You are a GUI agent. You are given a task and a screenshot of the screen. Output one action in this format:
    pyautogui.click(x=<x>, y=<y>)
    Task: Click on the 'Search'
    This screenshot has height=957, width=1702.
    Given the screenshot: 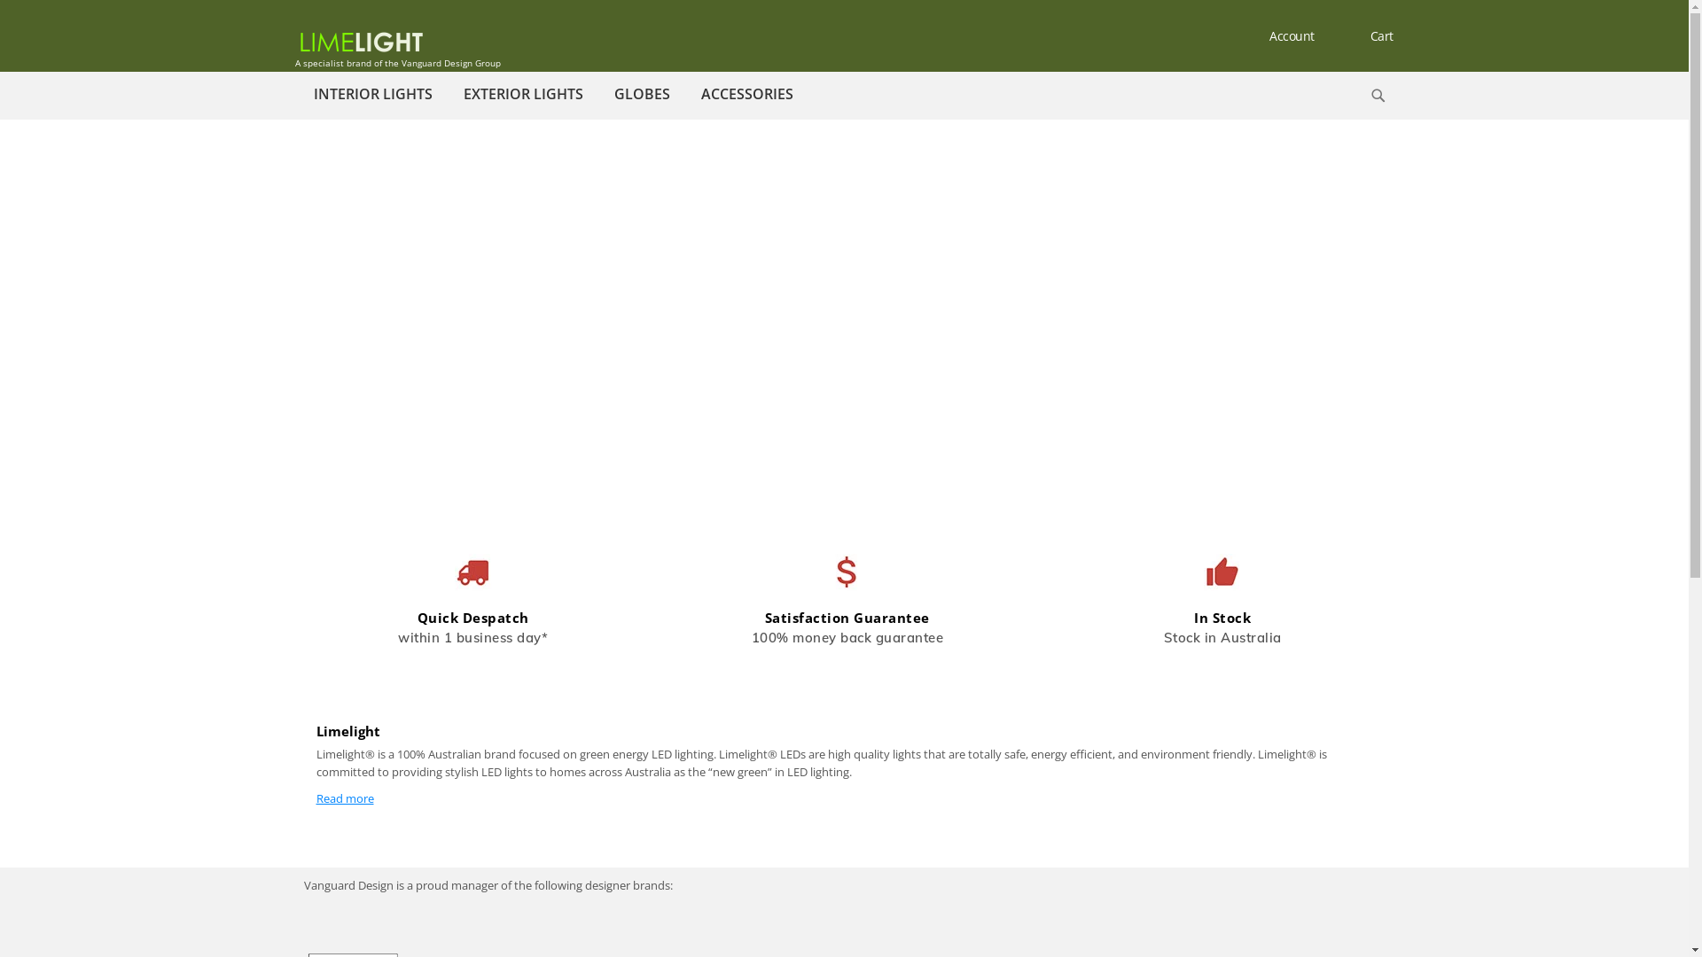 What is the action you would take?
    pyautogui.click(x=1377, y=96)
    